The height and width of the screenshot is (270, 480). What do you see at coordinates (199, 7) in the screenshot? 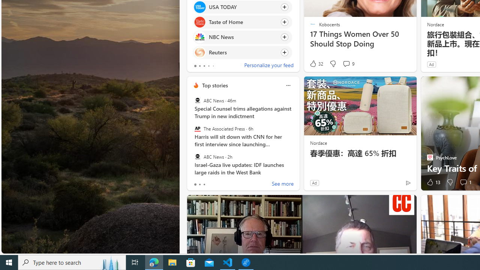
I see `'USA TODAY'` at bounding box center [199, 7].